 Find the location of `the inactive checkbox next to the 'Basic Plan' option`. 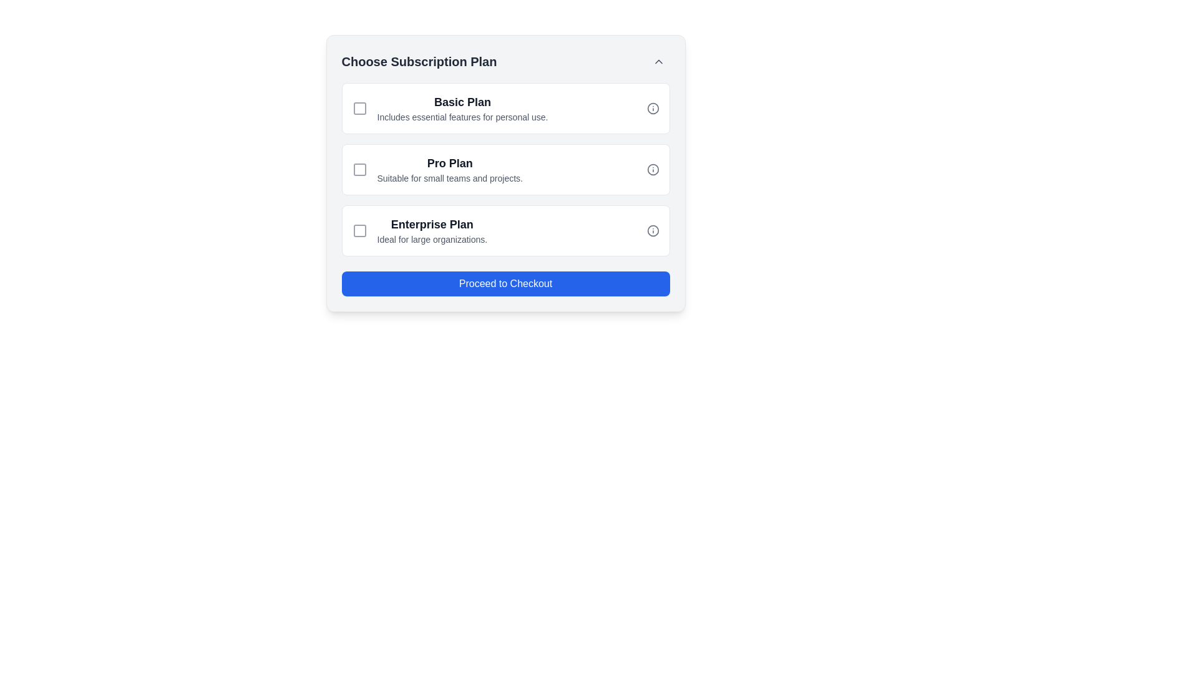

the inactive checkbox next to the 'Basic Plan' option is located at coordinates (359, 107).